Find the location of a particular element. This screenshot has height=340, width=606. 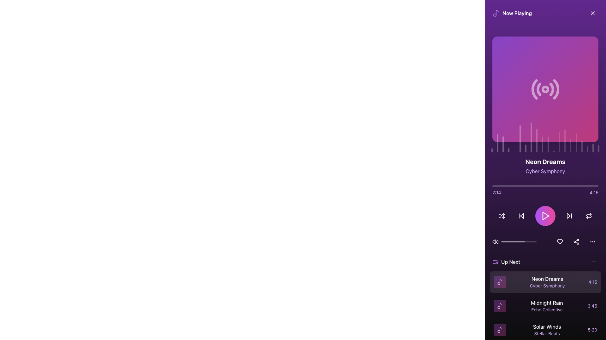

the triangular play icon button, which is styled in flat design and located centrally among the media control buttons in the lower part of the interface, to potentially display a tooltip is located at coordinates (545, 216).